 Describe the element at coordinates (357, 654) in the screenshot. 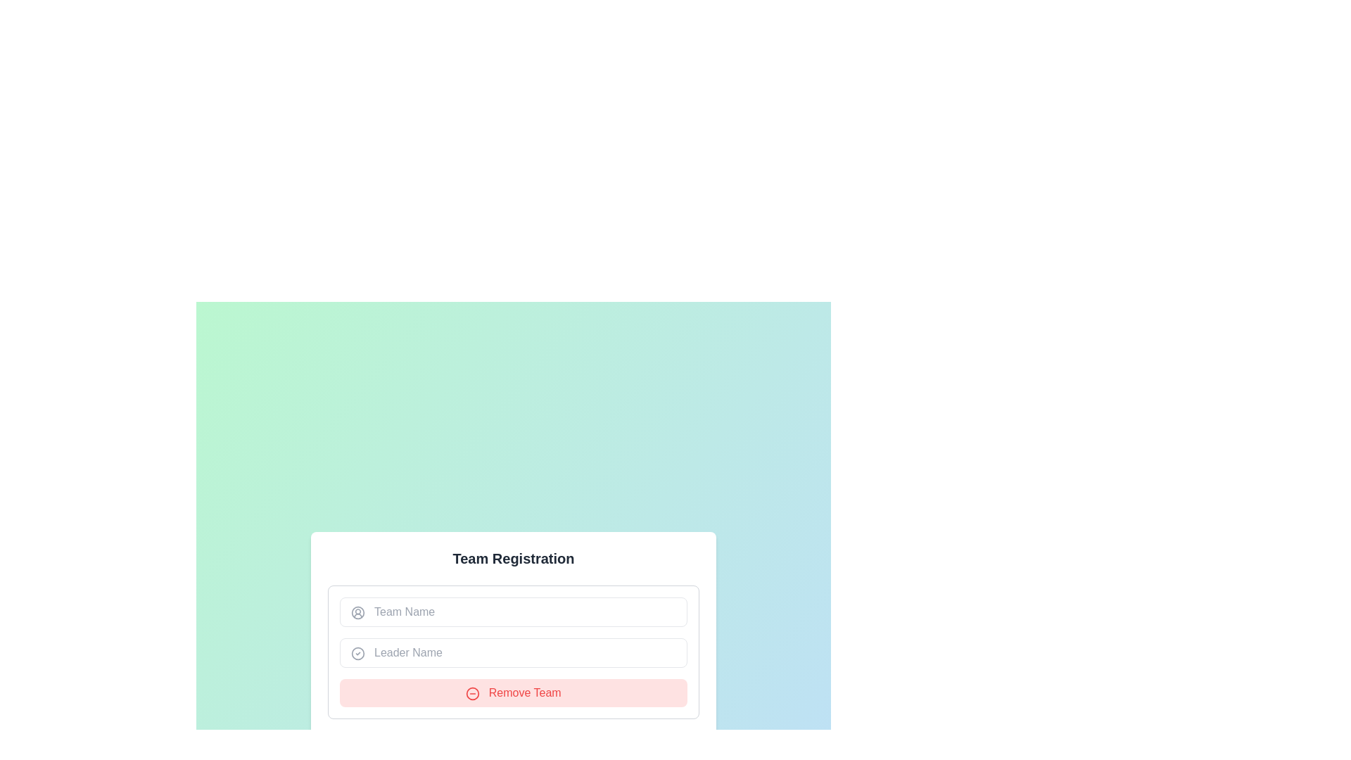

I see `the icon representing a circle with a checkmark inside it, located to the left of the 'Leader Name' placeholder text in the second text input field of the 'Team Registration' UI section` at that location.